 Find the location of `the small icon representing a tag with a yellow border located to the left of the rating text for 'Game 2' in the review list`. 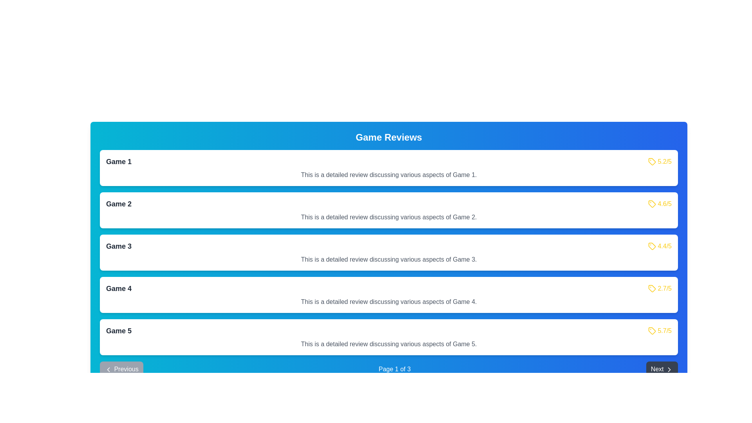

the small icon representing a tag with a yellow border located to the left of the rating text for 'Game 2' in the review list is located at coordinates (652, 203).